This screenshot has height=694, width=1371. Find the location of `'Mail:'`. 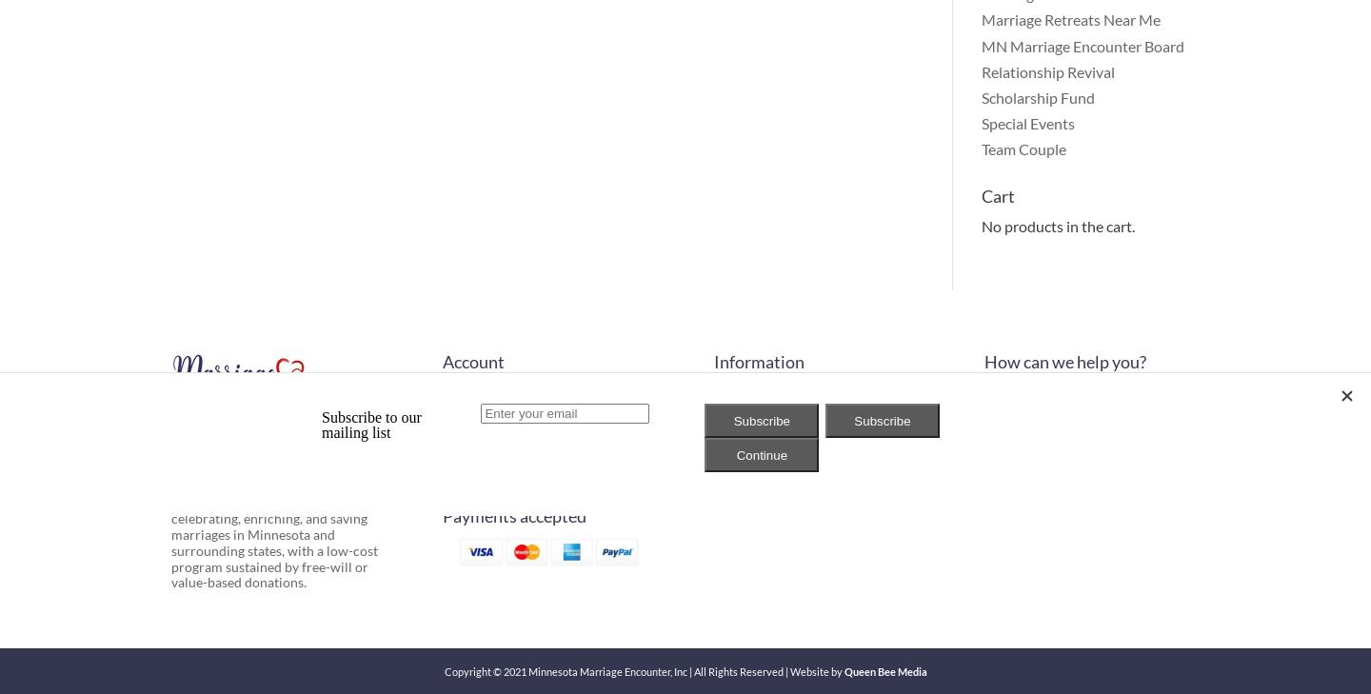

'Mail:' is located at coordinates (1000, 418).